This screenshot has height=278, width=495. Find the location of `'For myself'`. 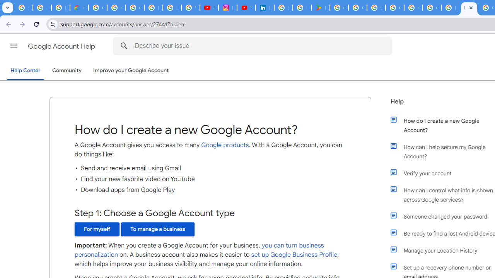

'For myself' is located at coordinates (97, 229).